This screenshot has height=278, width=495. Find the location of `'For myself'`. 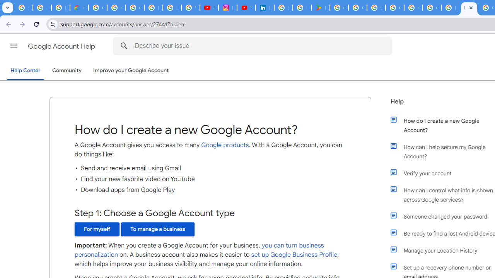

'For myself' is located at coordinates (97, 229).